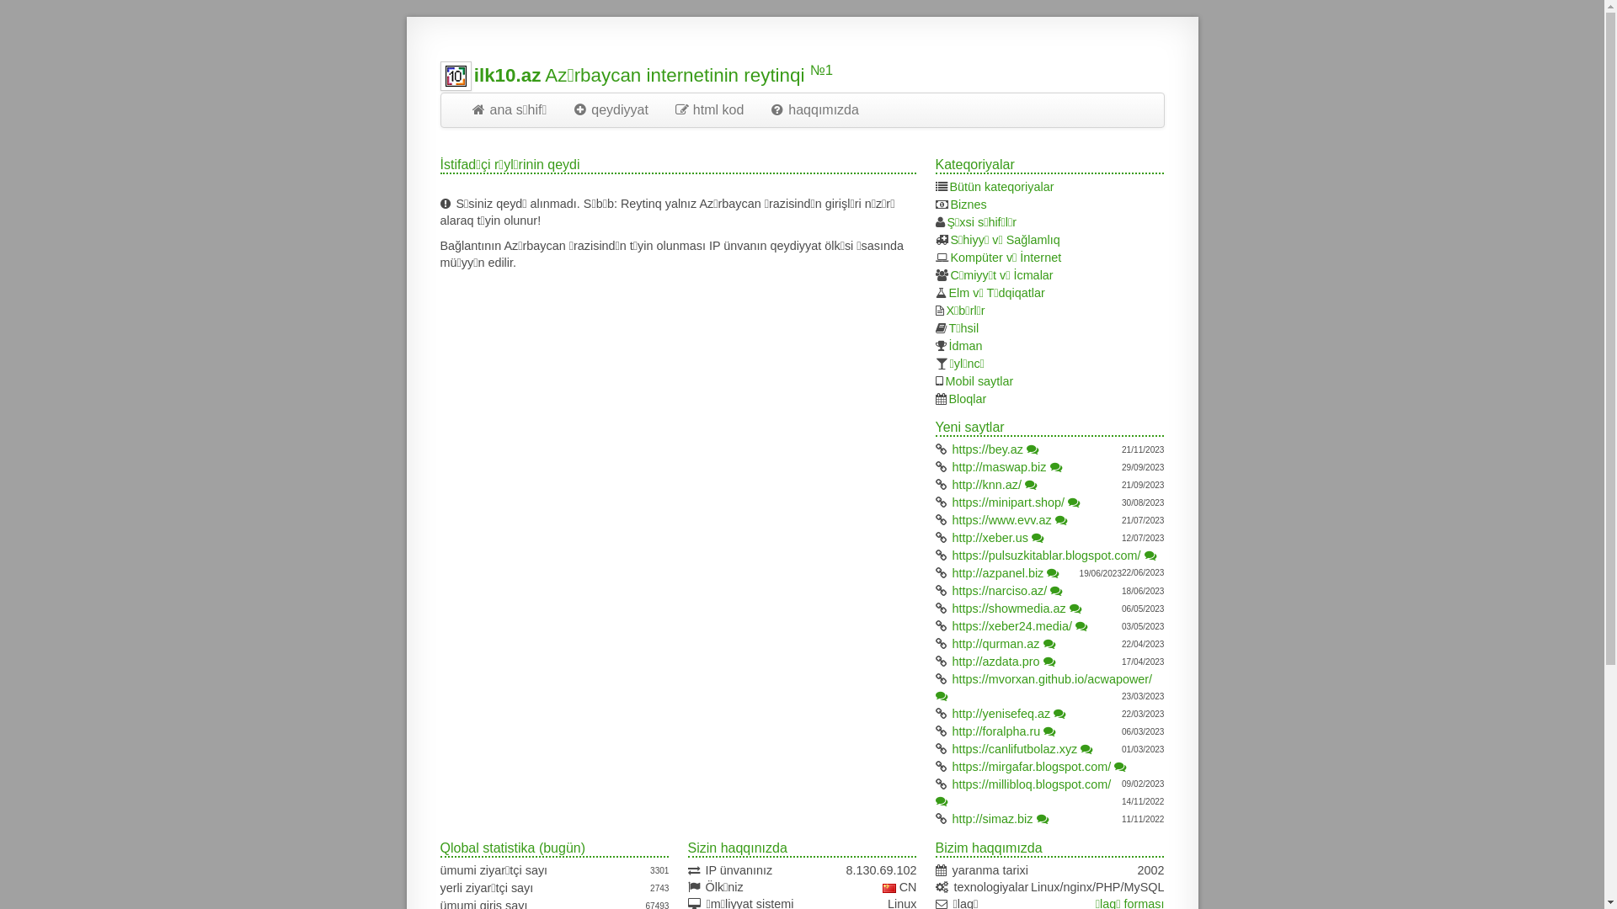  What do you see at coordinates (999, 467) in the screenshot?
I see `'http://maswap.biz'` at bounding box center [999, 467].